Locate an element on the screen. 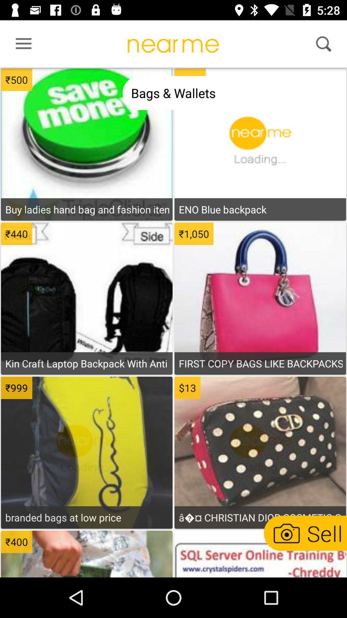 Image resolution: width=347 pixels, height=618 pixels. upload a picture is located at coordinates (304, 533).